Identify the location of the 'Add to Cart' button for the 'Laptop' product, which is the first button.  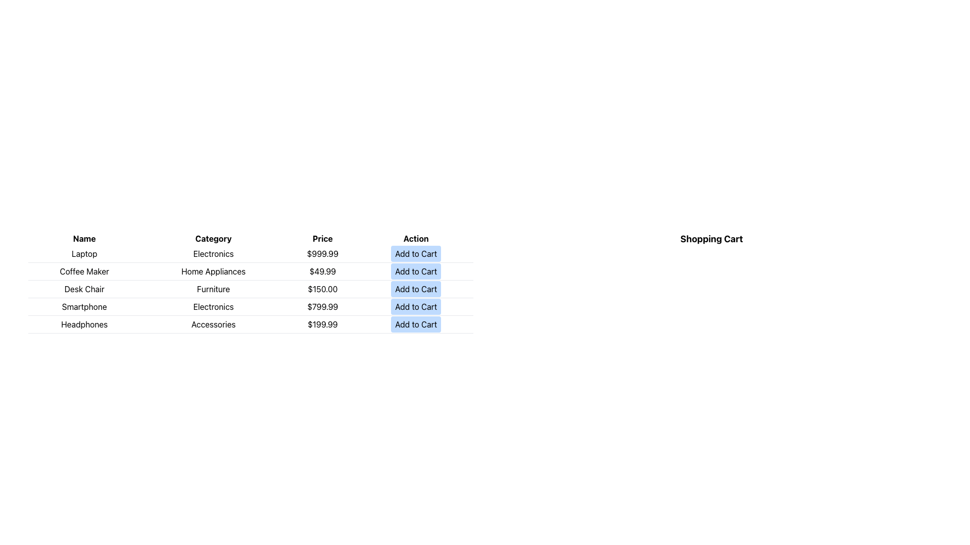
(416, 253).